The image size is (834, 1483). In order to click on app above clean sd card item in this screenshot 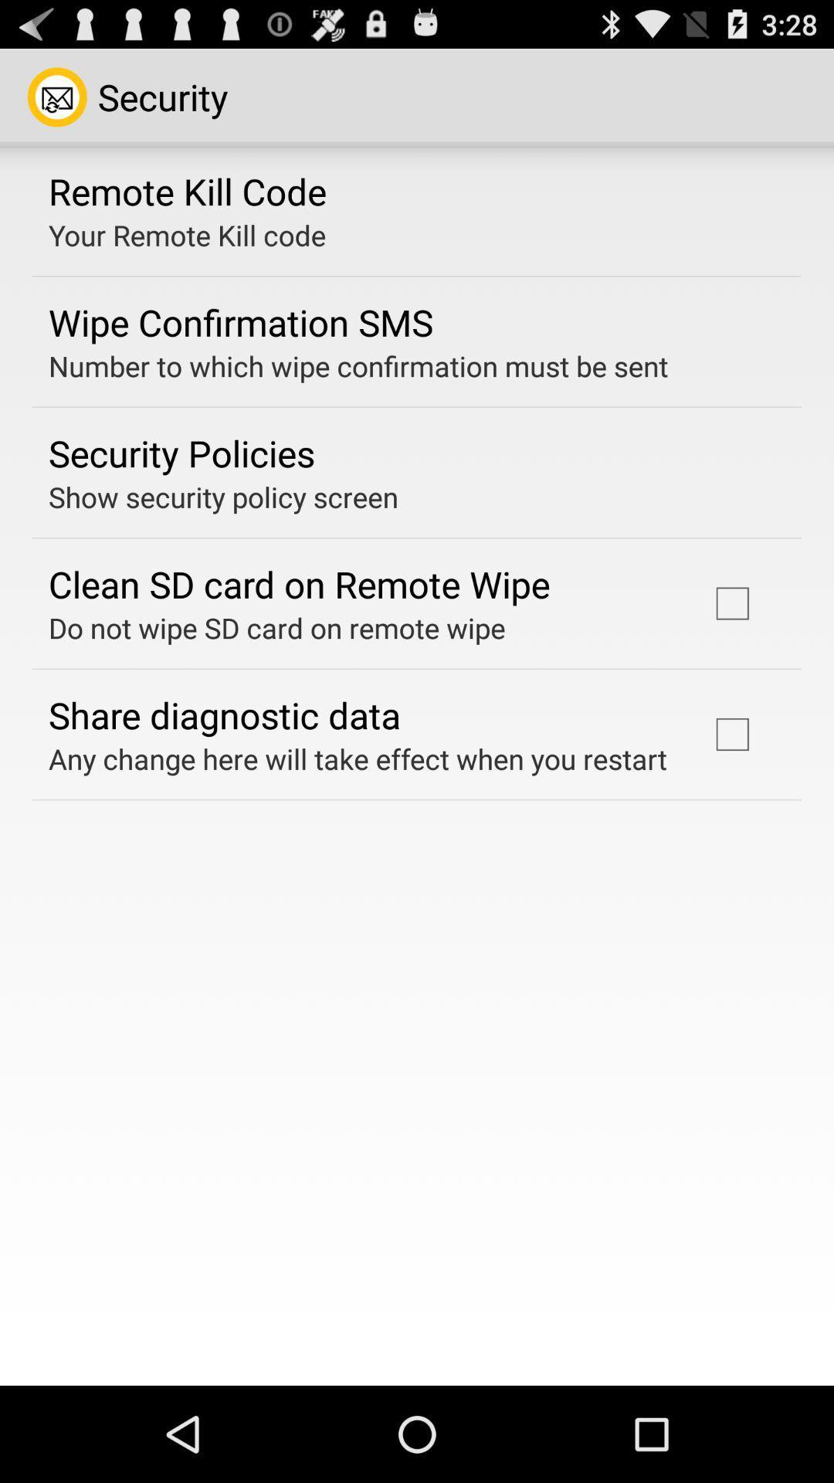, I will do `click(223, 497)`.